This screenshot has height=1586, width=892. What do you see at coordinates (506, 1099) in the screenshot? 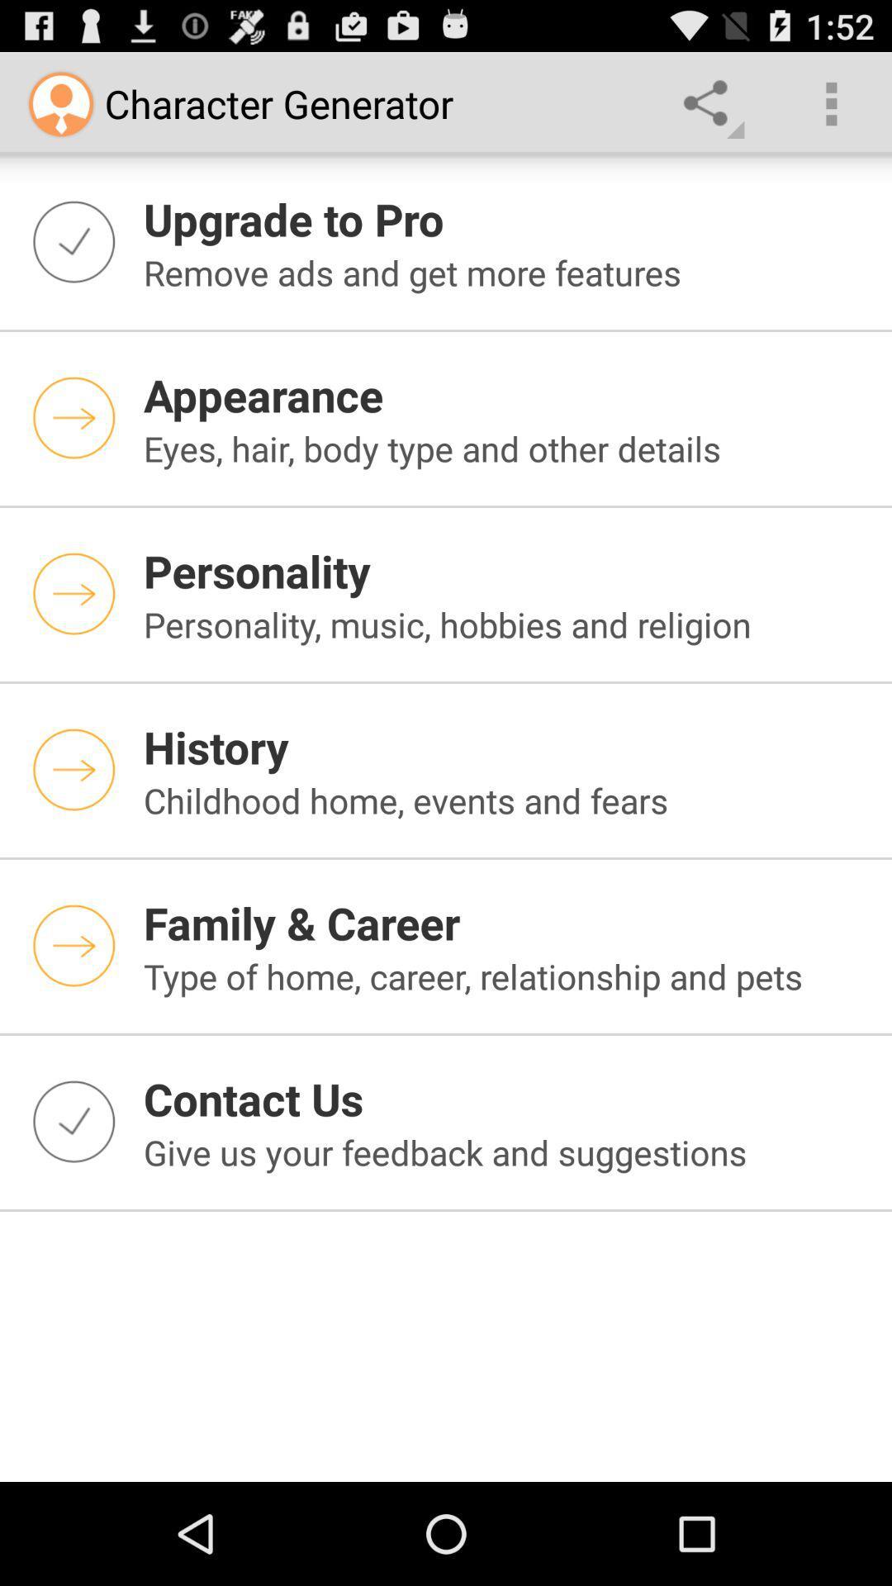
I see `the contact us icon` at bounding box center [506, 1099].